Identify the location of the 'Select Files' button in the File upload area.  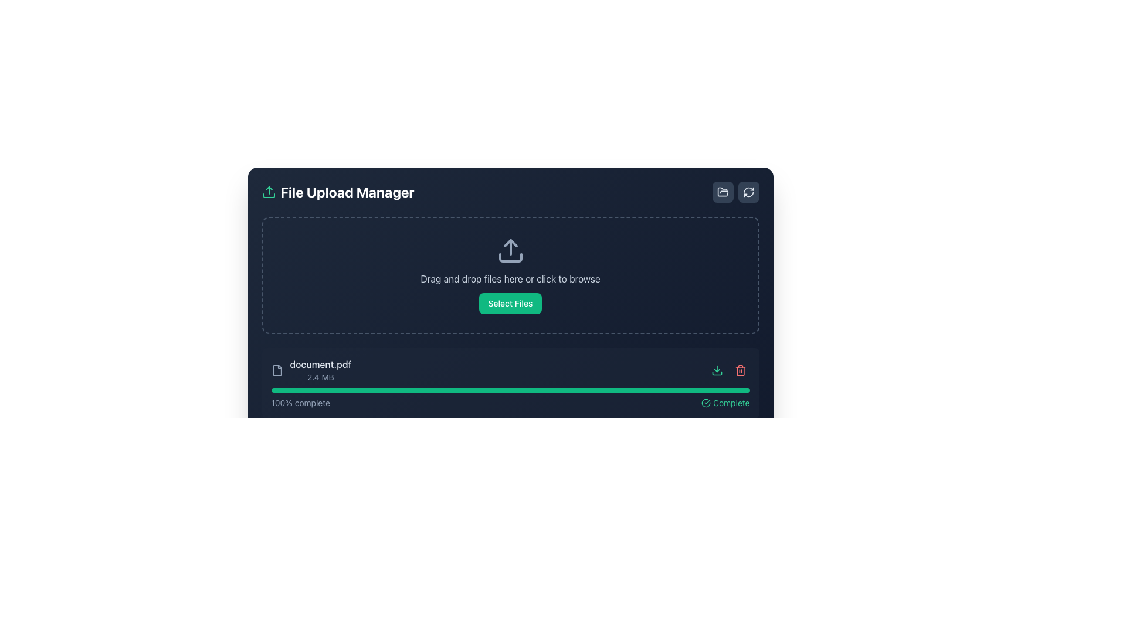
(510, 275).